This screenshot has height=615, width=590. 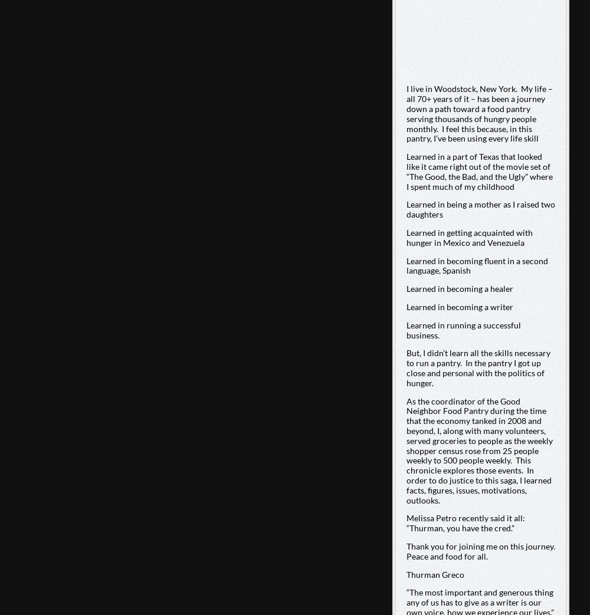 What do you see at coordinates (479, 113) in the screenshot?
I see `'I live in Woodstock, New York.  My life – all 70+ years of it – has been a journey down a path toward a food pantry serving thousands of hungry people monthly.  I feel this because, in this pantry, I’ve been using every life skill'` at bounding box center [479, 113].